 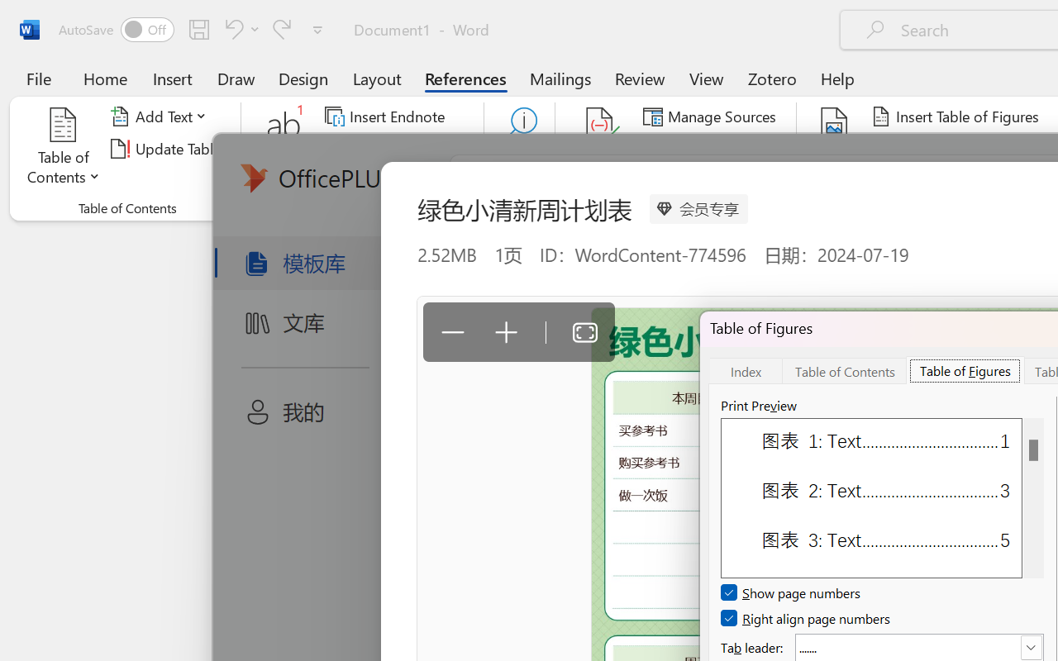 What do you see at coordinates (284, 148) in the screenshot?
I see `'Insert Footnote'` at bounding box center [284, 148].